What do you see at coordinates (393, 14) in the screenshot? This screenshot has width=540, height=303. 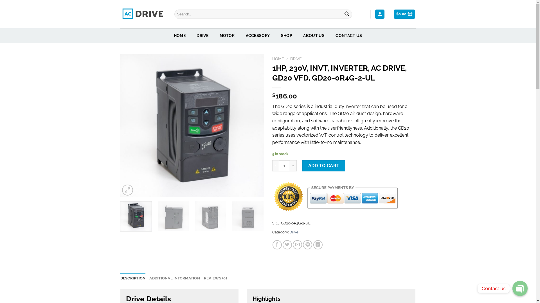 I see `'$0.00'` at bounding box center [393, 14].